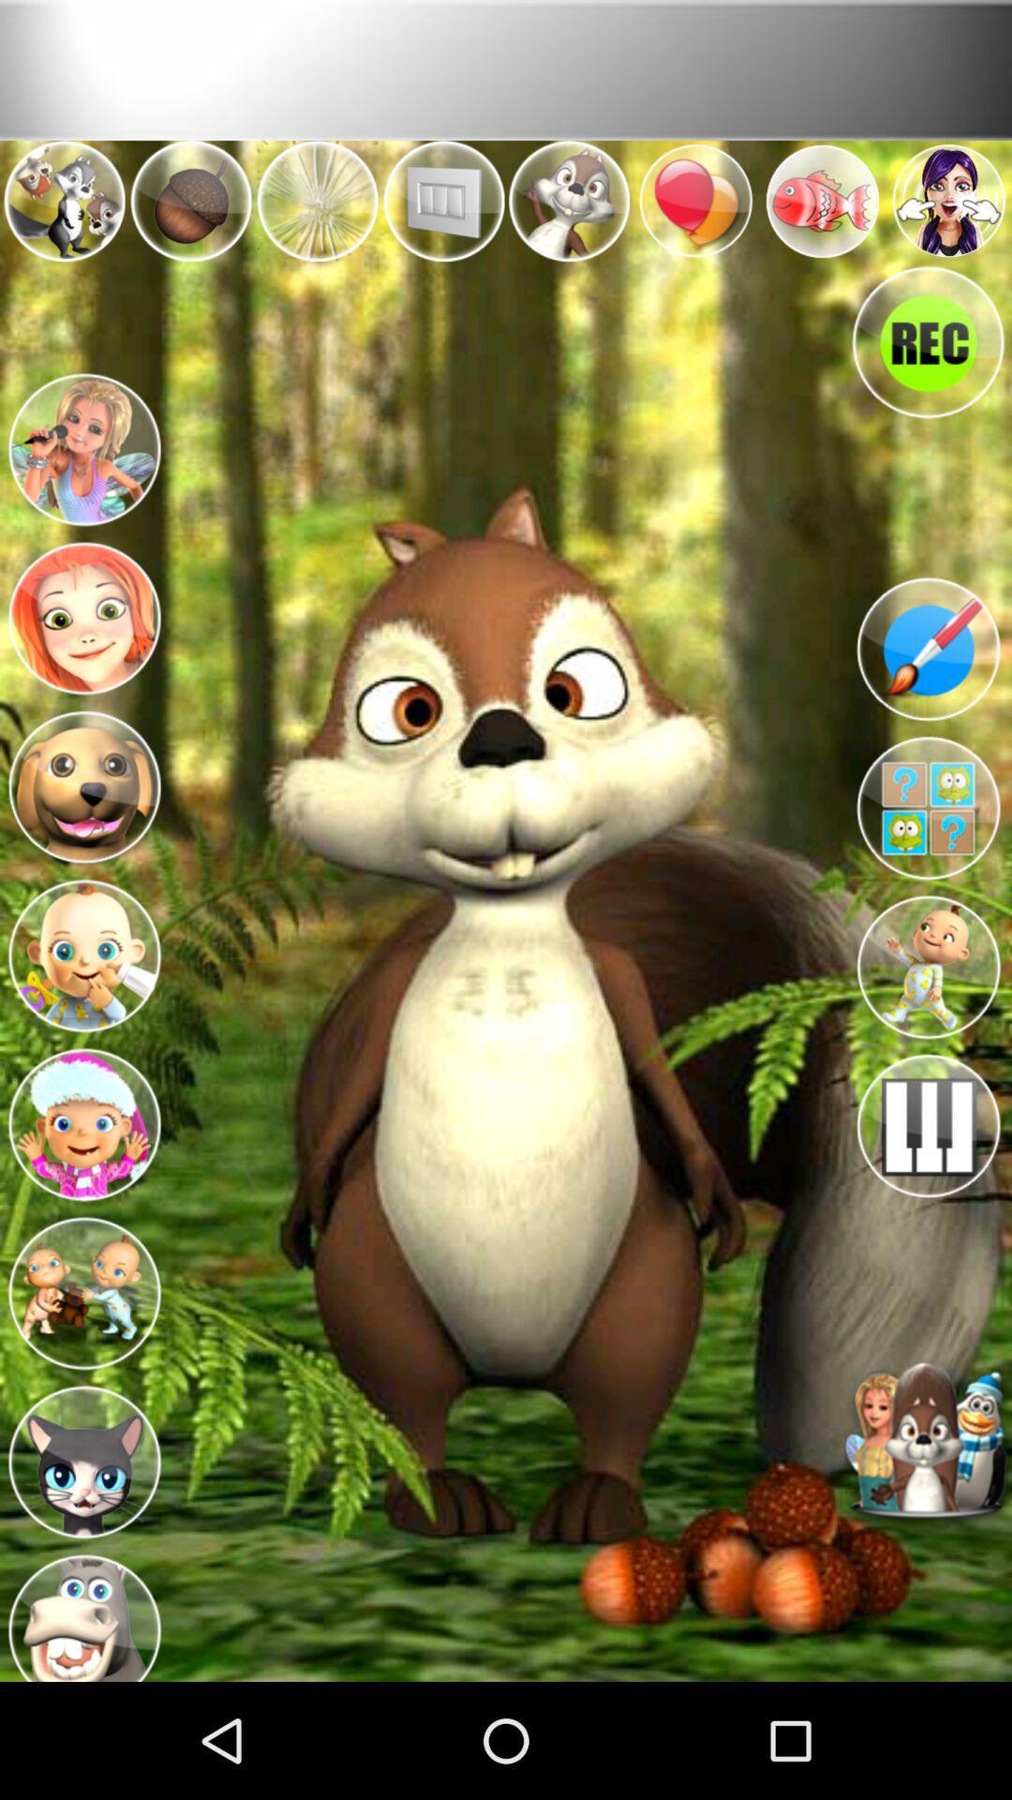 The width and height of the screenshot is (1012, 1800). I want to click on change avatar, so click(82, 445).